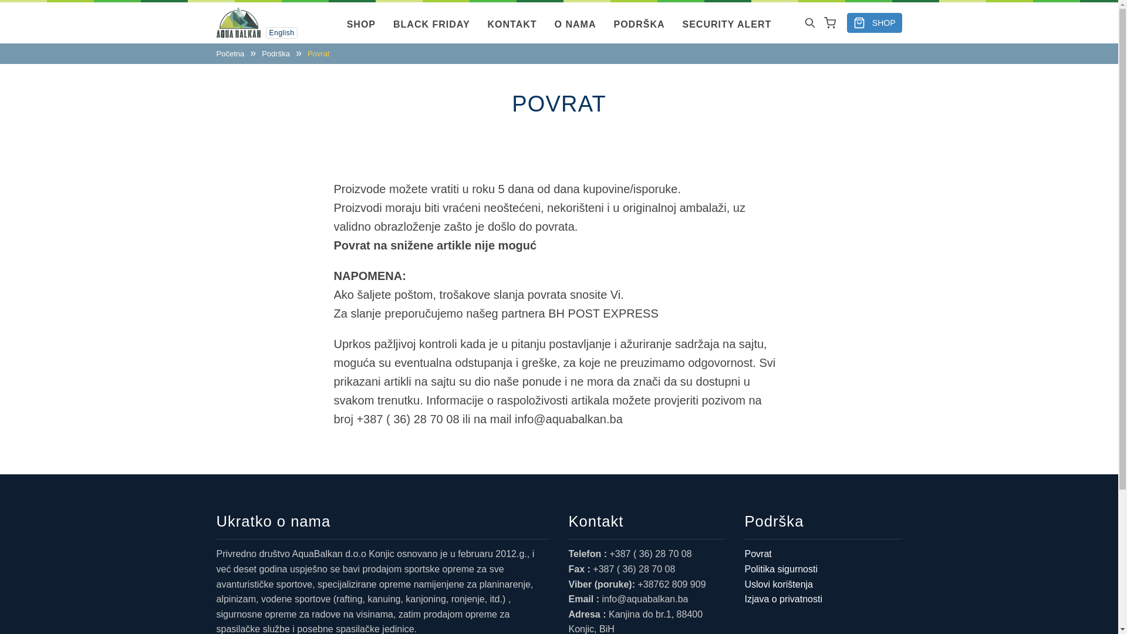 Image resolution: width=1127 pixels, height=634 pixels. Describe the element at coordinates (743, 554) in the screenshot. I see `'Povrat'` at that location.